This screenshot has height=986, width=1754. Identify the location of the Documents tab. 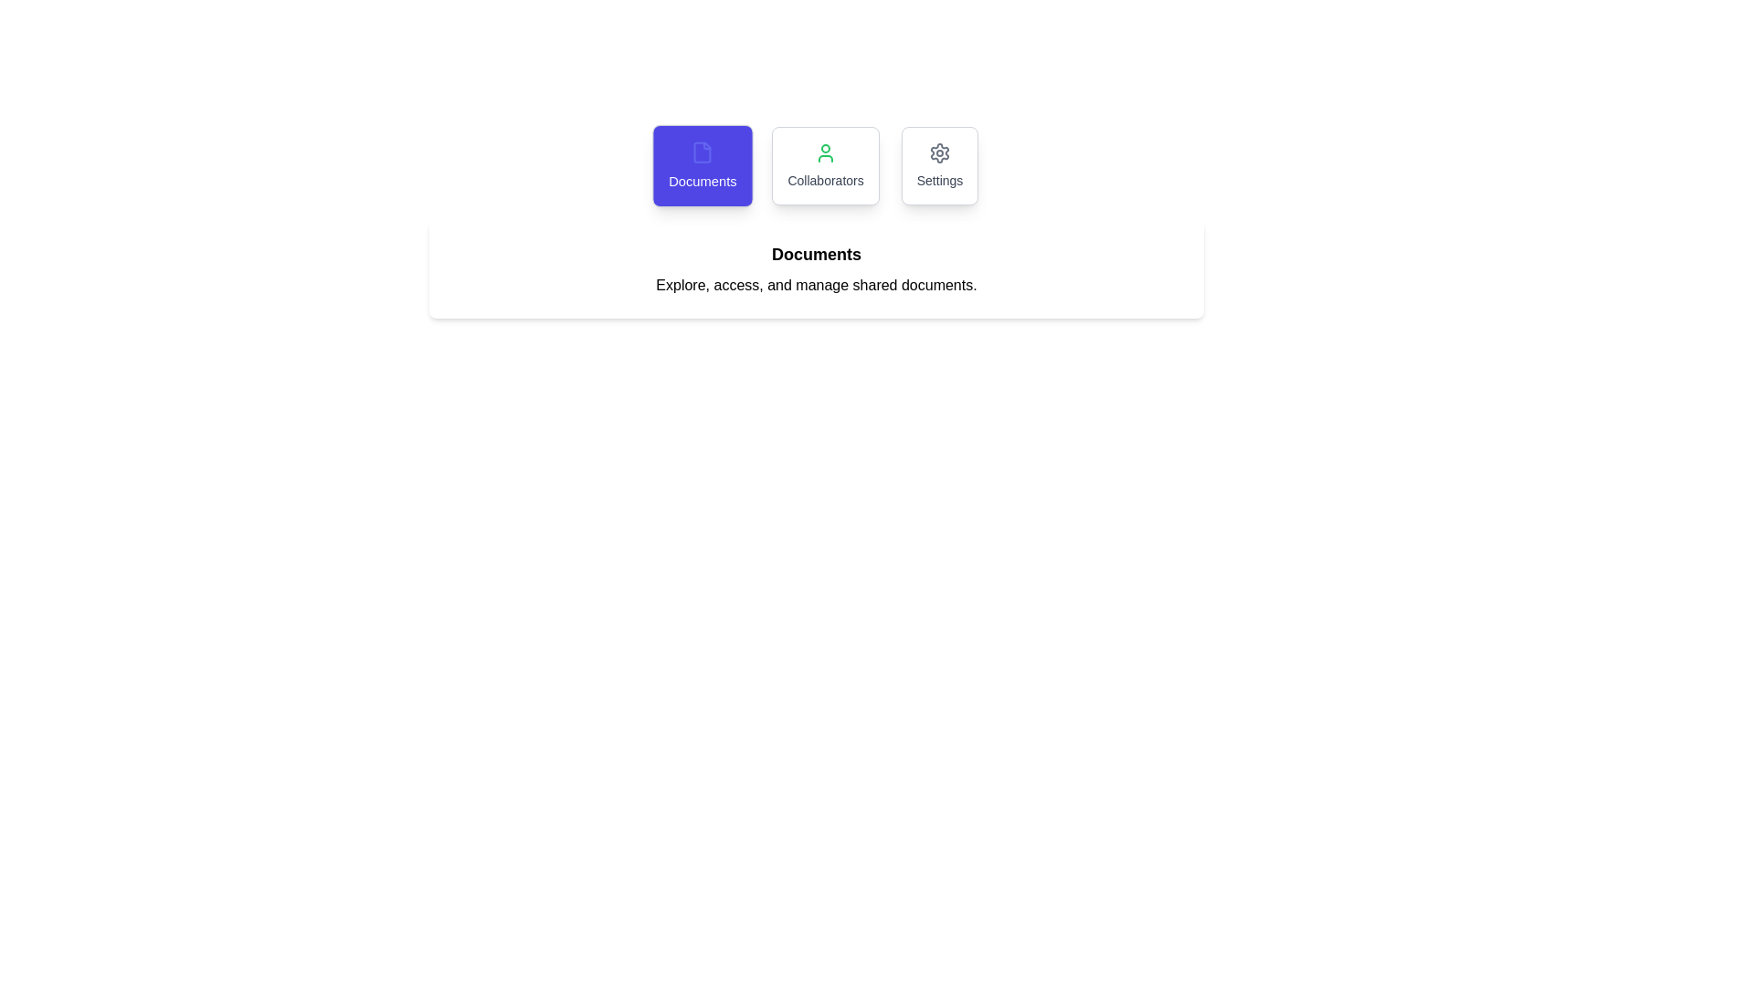
(702, 165).